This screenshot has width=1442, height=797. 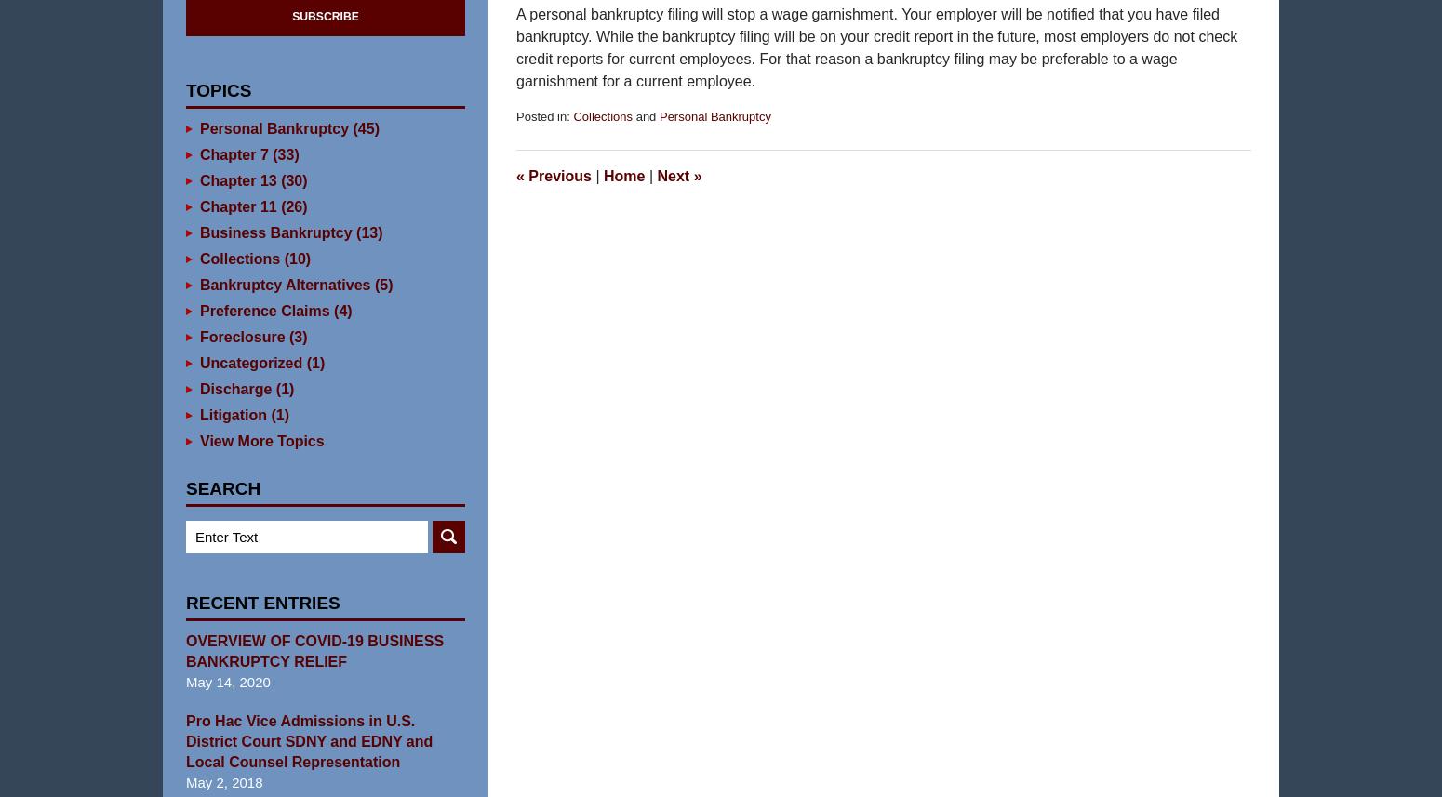 What do you see at coordinates (602, 204) in the screenshot?
I see `'Home'` at bounding box center [602, 204].